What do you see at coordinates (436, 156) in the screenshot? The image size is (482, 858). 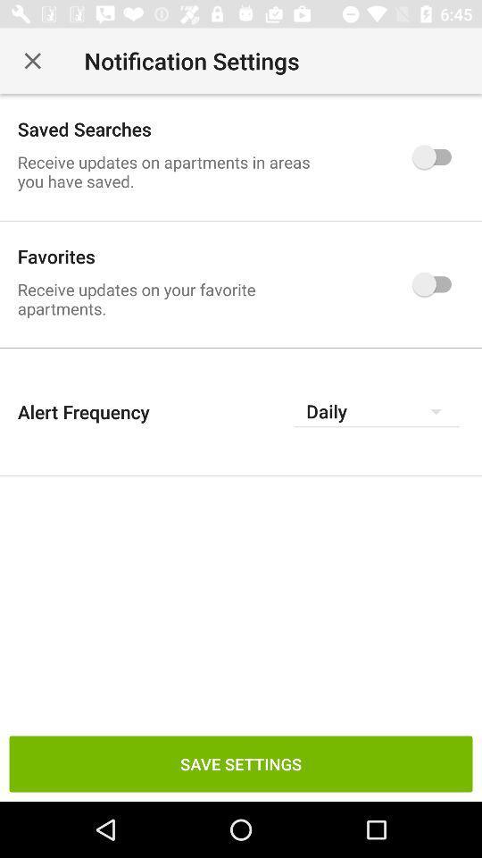 I see `autoplay option` at bounding box center [436, 156].